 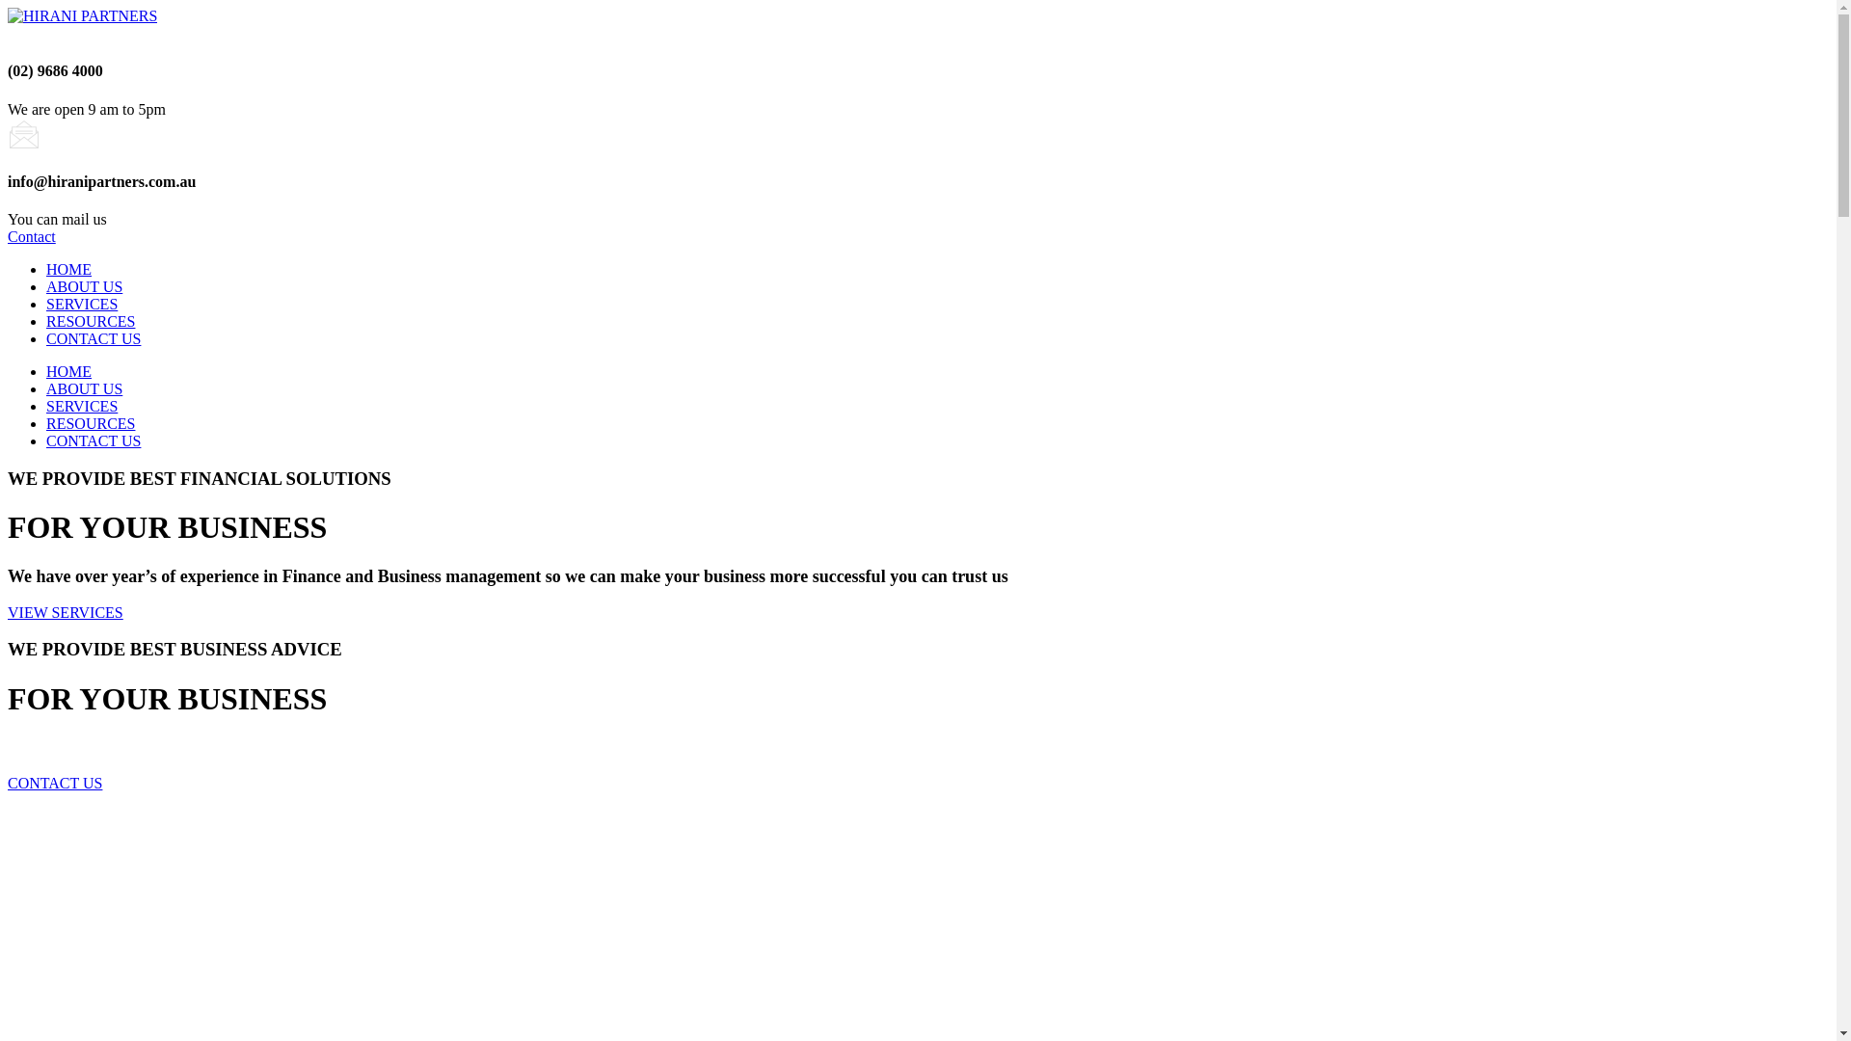 I want to click on 'ABOUT US', so click(x=83, y=286).